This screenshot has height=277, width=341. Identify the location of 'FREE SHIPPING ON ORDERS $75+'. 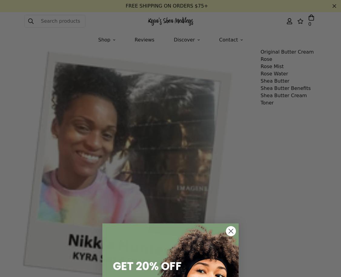
(167, 6).